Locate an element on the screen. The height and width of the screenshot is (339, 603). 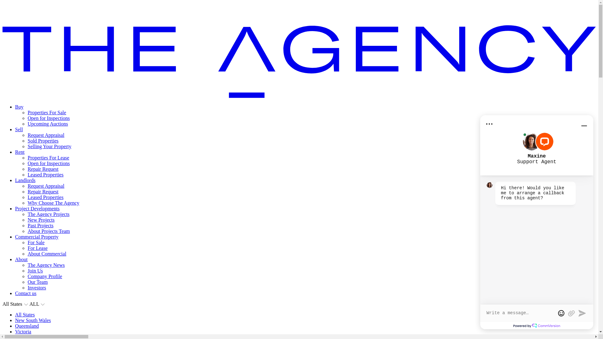
'Sell' is located at coordinates (15, 129).